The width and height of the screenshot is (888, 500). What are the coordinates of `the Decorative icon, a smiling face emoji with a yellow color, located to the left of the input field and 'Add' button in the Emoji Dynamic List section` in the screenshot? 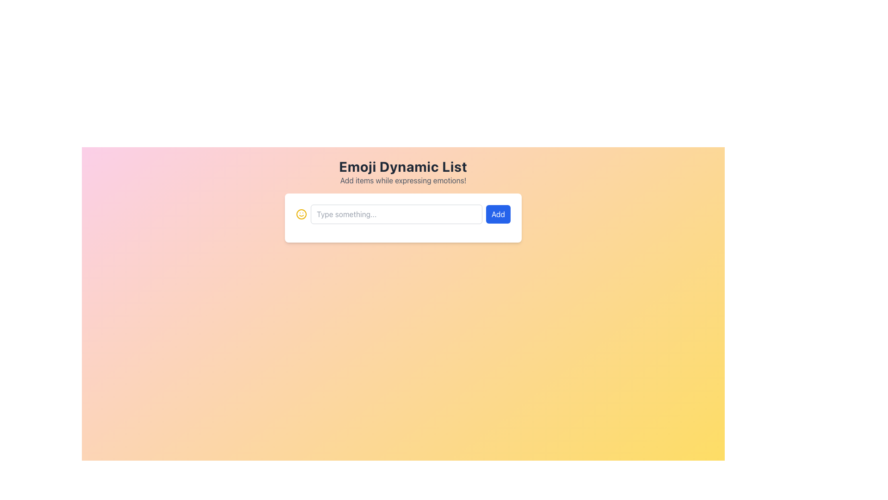 It's located at (302, 214).